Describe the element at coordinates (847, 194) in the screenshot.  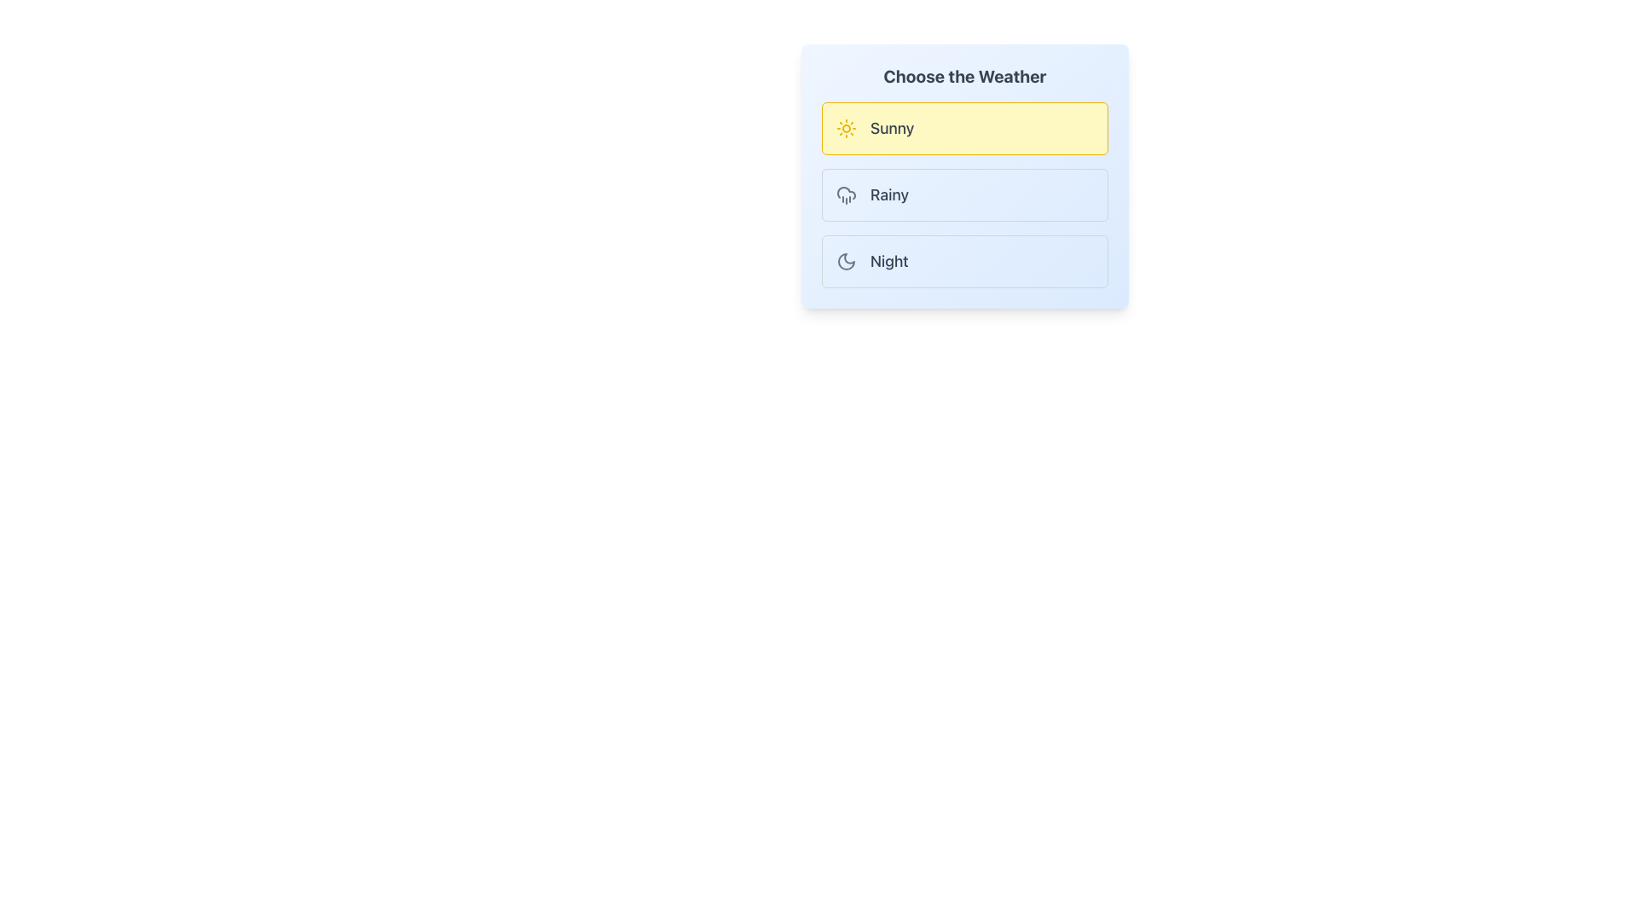
I see `the cloud icon with rain drops located to the left of the word 'Rainy' in the 'Choose the Weather' menu option` at that location.